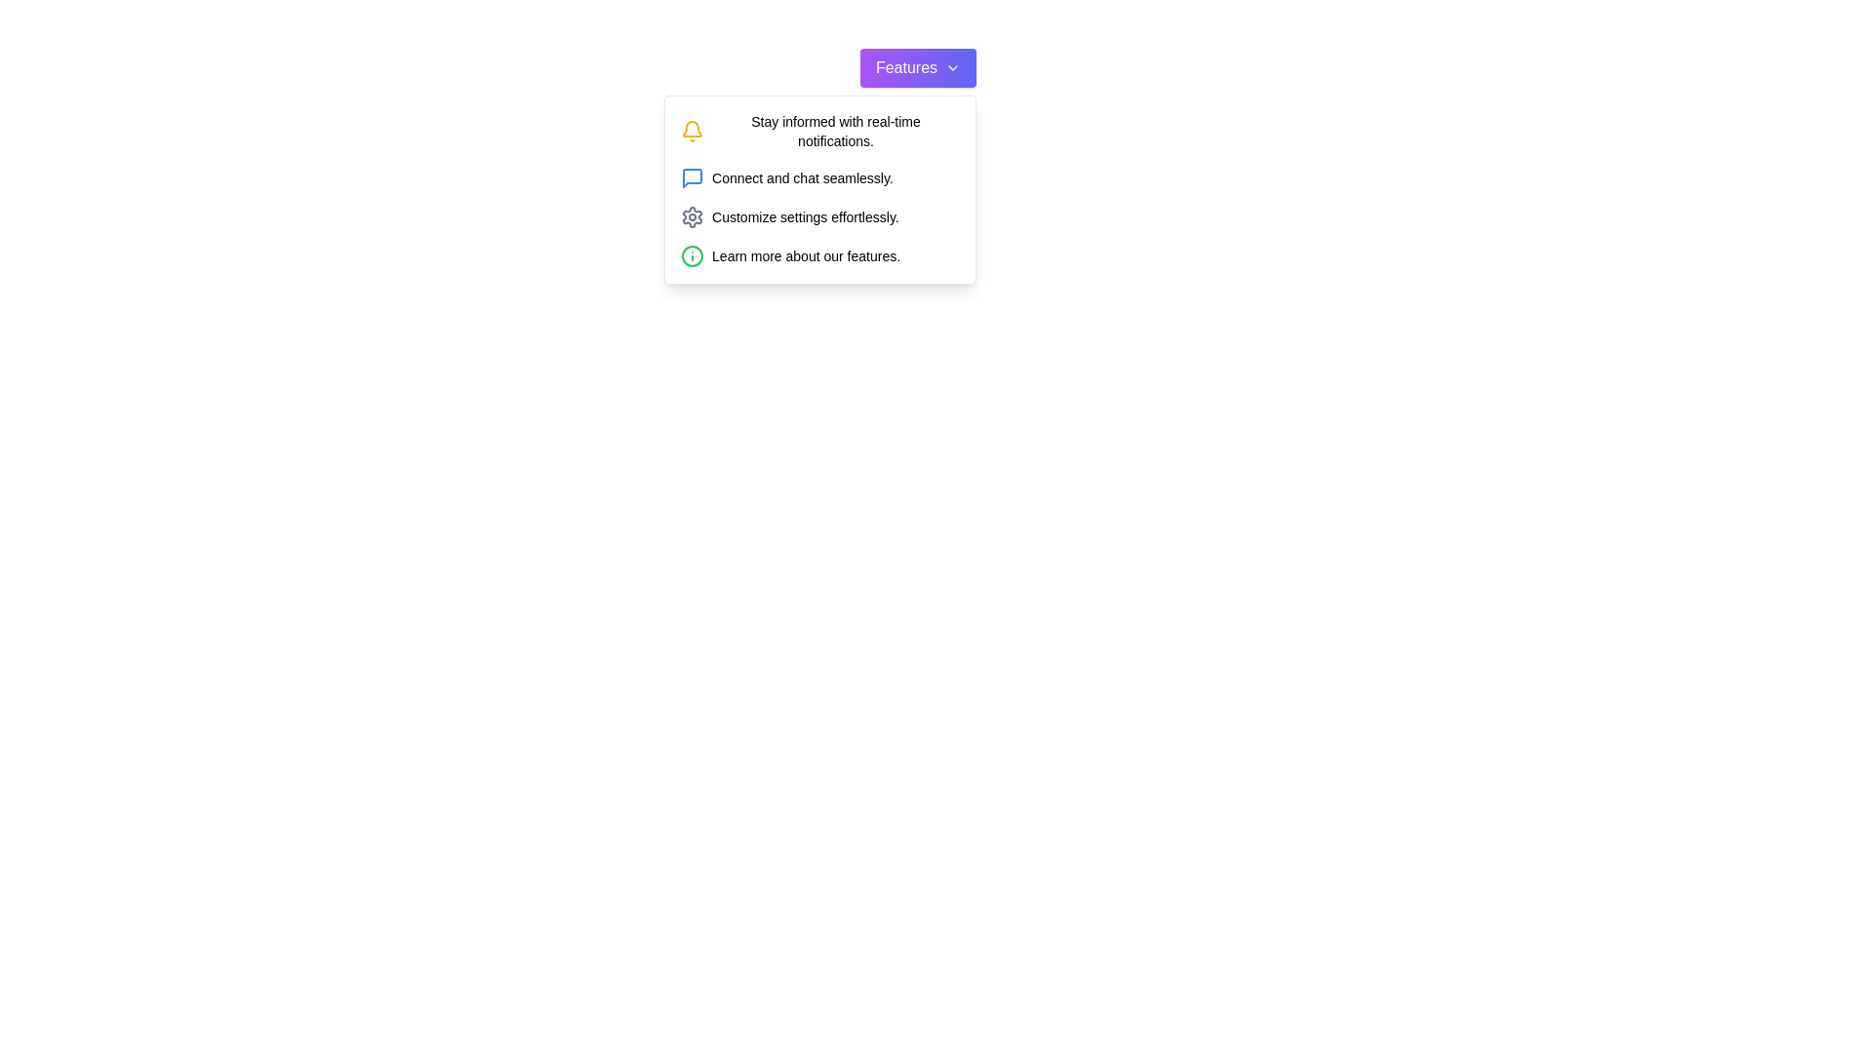 Image resolution: width=1873 pixels, height=1053 pixels. Describe the element at coordinates (917, 66) in the screenshot. I see `the 'Features' button, which is a rectangular button with a gradient background from purple to indigo, containing white text and a downward-facing arrow icon` at that location.